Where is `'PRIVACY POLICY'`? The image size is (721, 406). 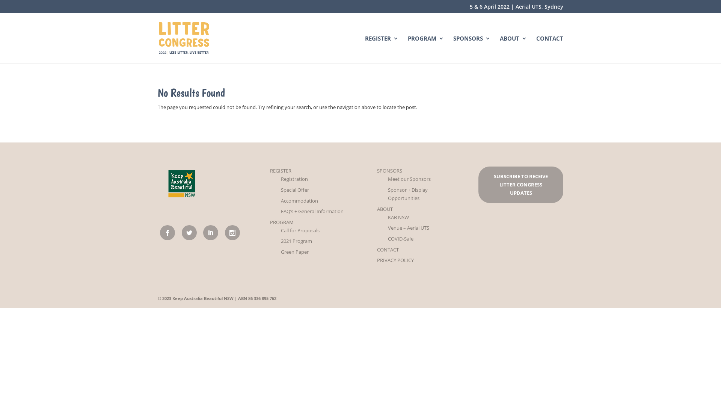
'PRIVACY POLICY' is located at coordinates (377, 259).